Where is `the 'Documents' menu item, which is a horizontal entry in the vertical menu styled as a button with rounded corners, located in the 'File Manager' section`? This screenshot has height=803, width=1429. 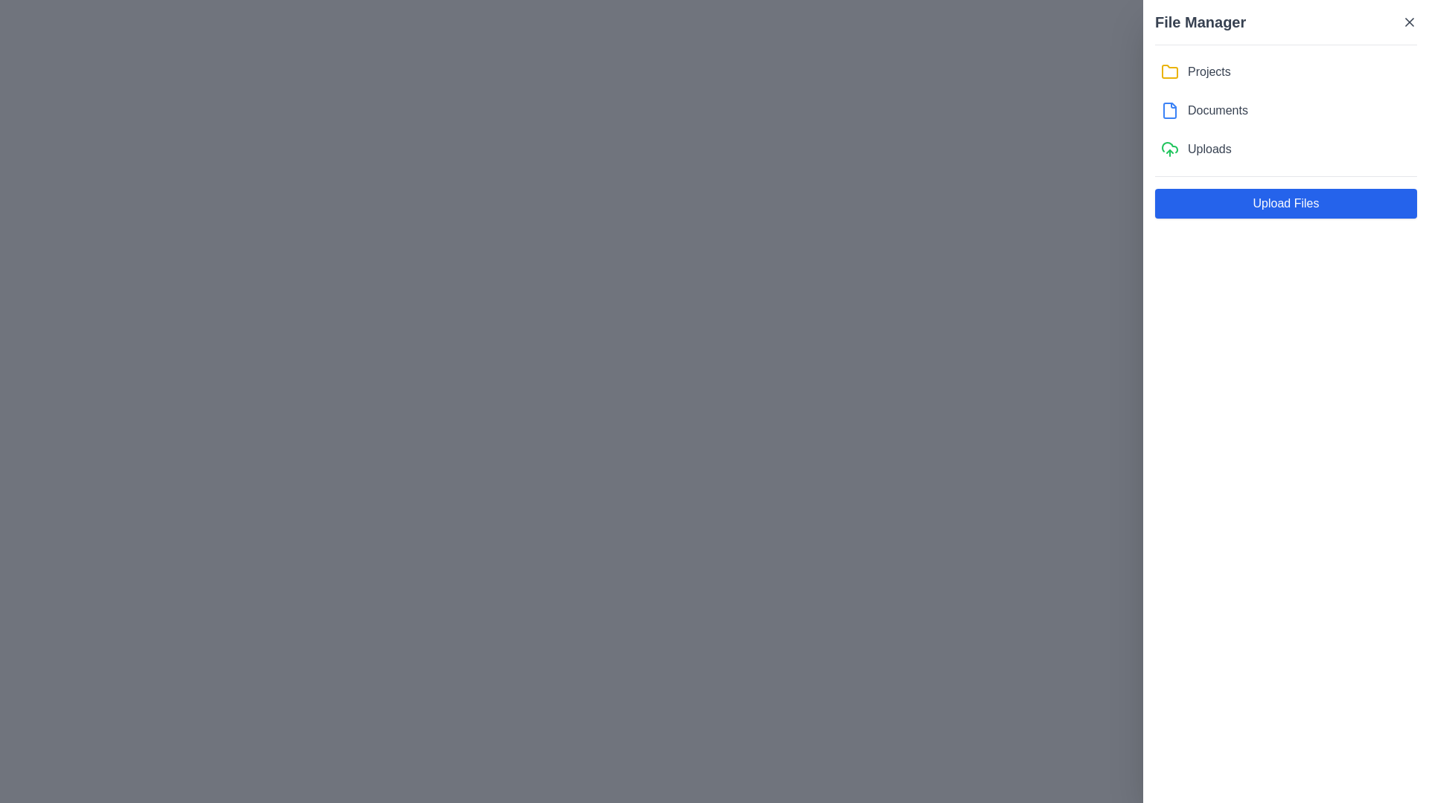
the 'Documents' menu item, which is a horizontal entry in the vertical menu styled as a button with rounded corners, located in the 'File Manager' section is located at coordinates (1285, 110).